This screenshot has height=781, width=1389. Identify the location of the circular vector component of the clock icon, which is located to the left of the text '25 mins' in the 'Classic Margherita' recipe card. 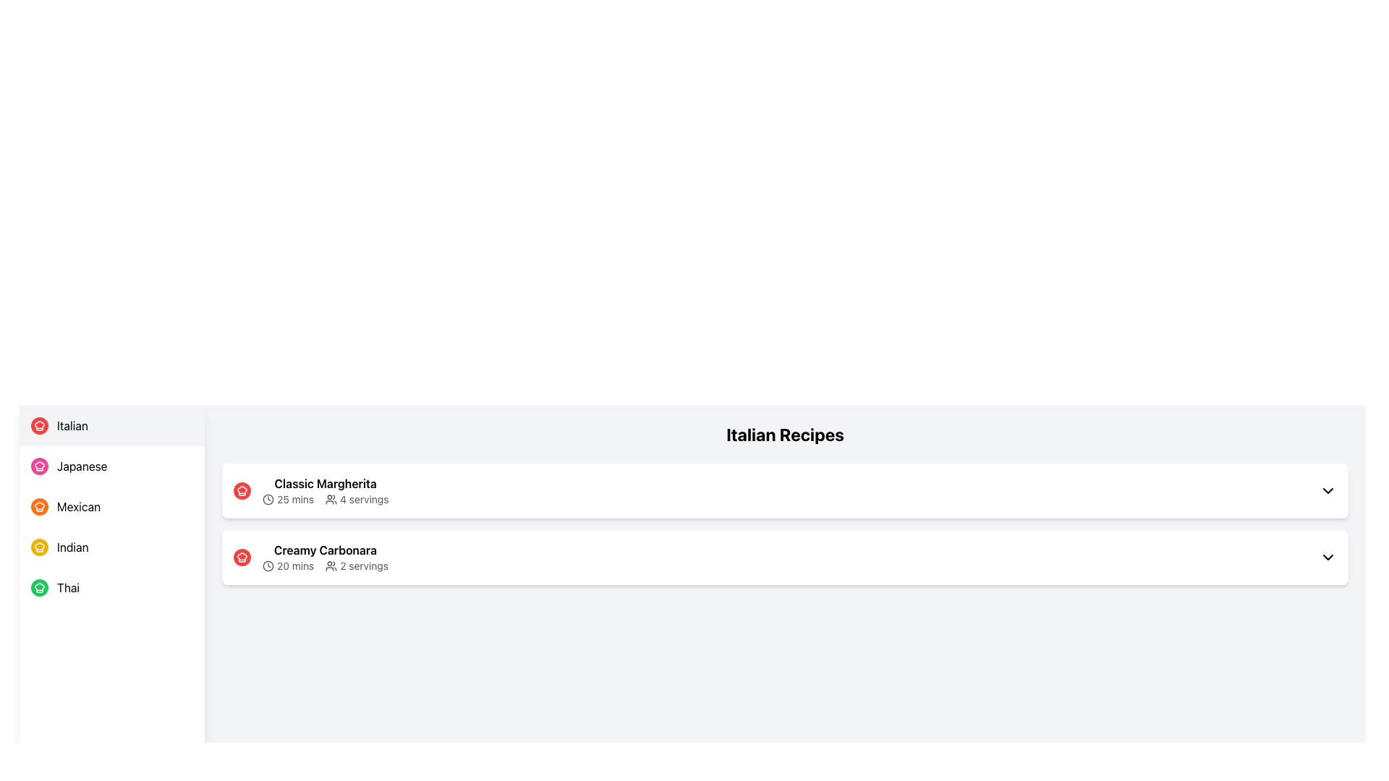
(268, 498).